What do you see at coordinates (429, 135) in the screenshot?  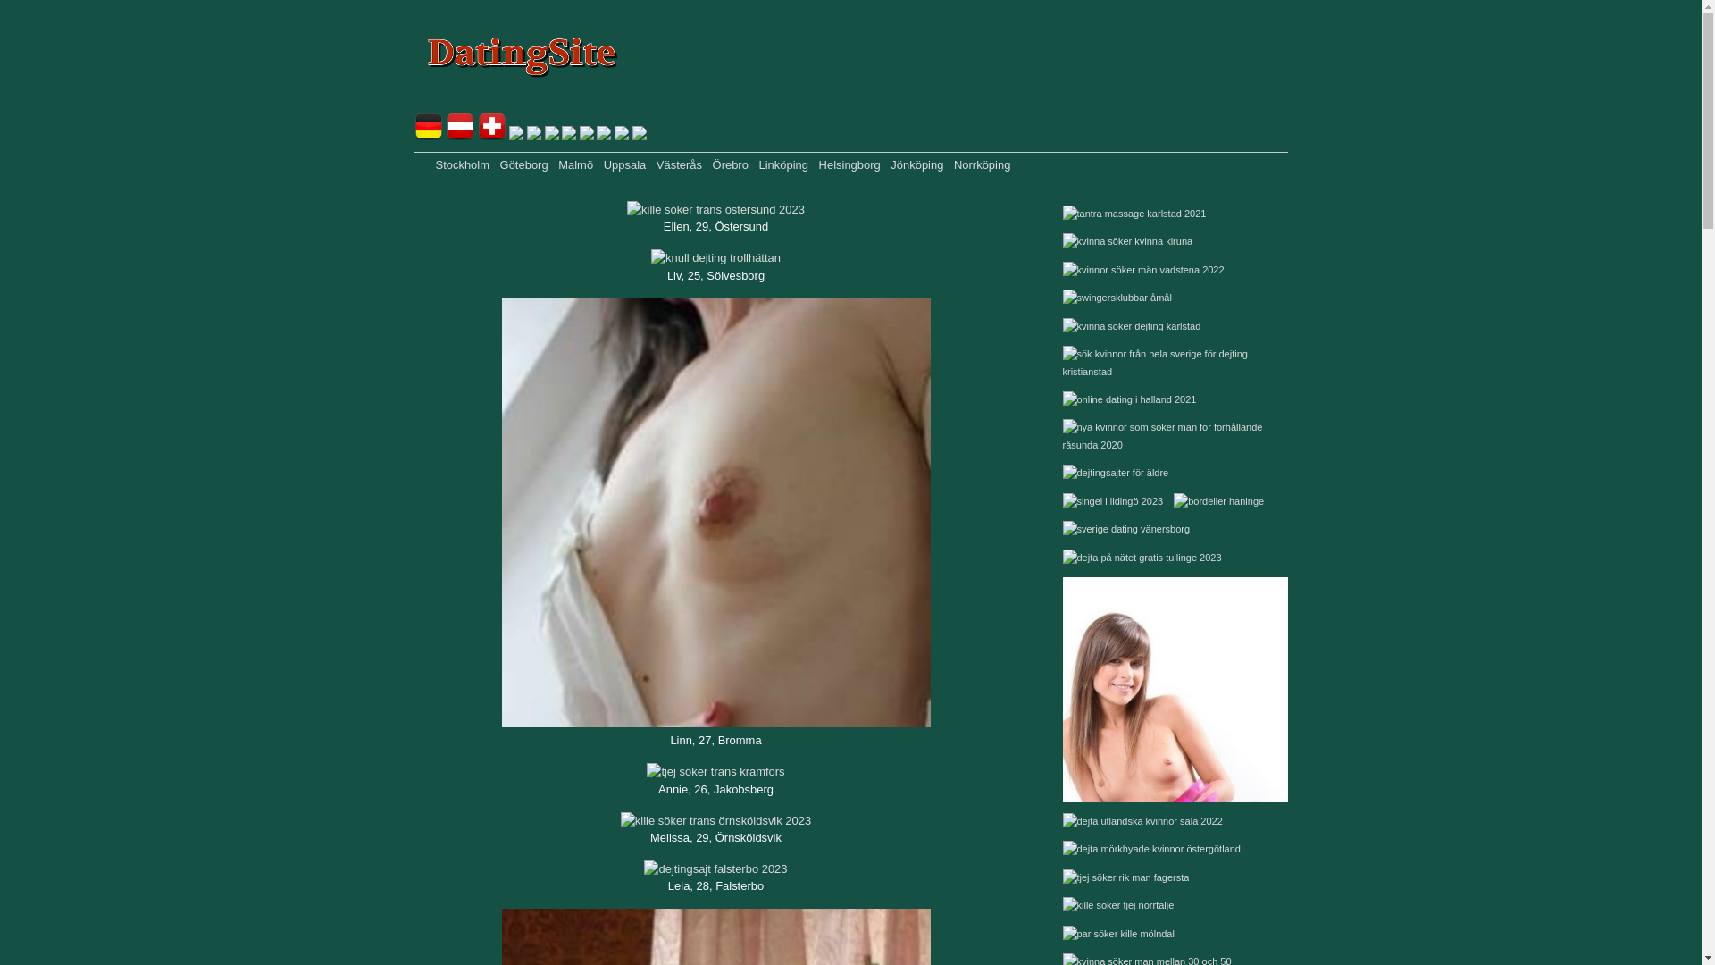 I see `'DE'` at bounding box center [429, 135].